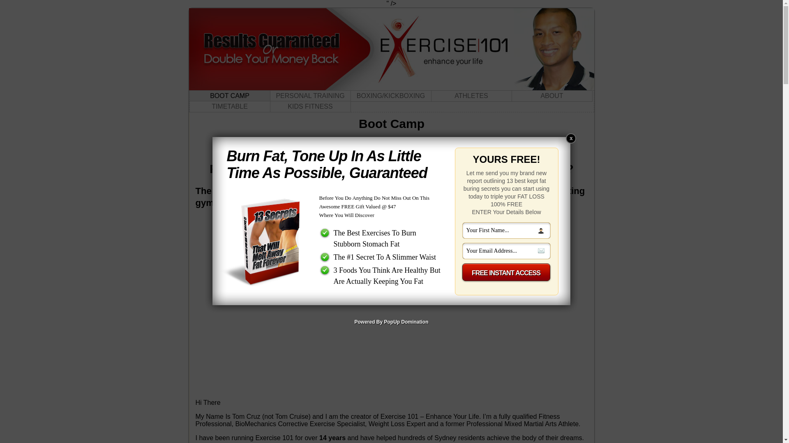  Describe the element at coordinates (229, 106) in the screenshot. I see `'TIMETABLE'` at that location.